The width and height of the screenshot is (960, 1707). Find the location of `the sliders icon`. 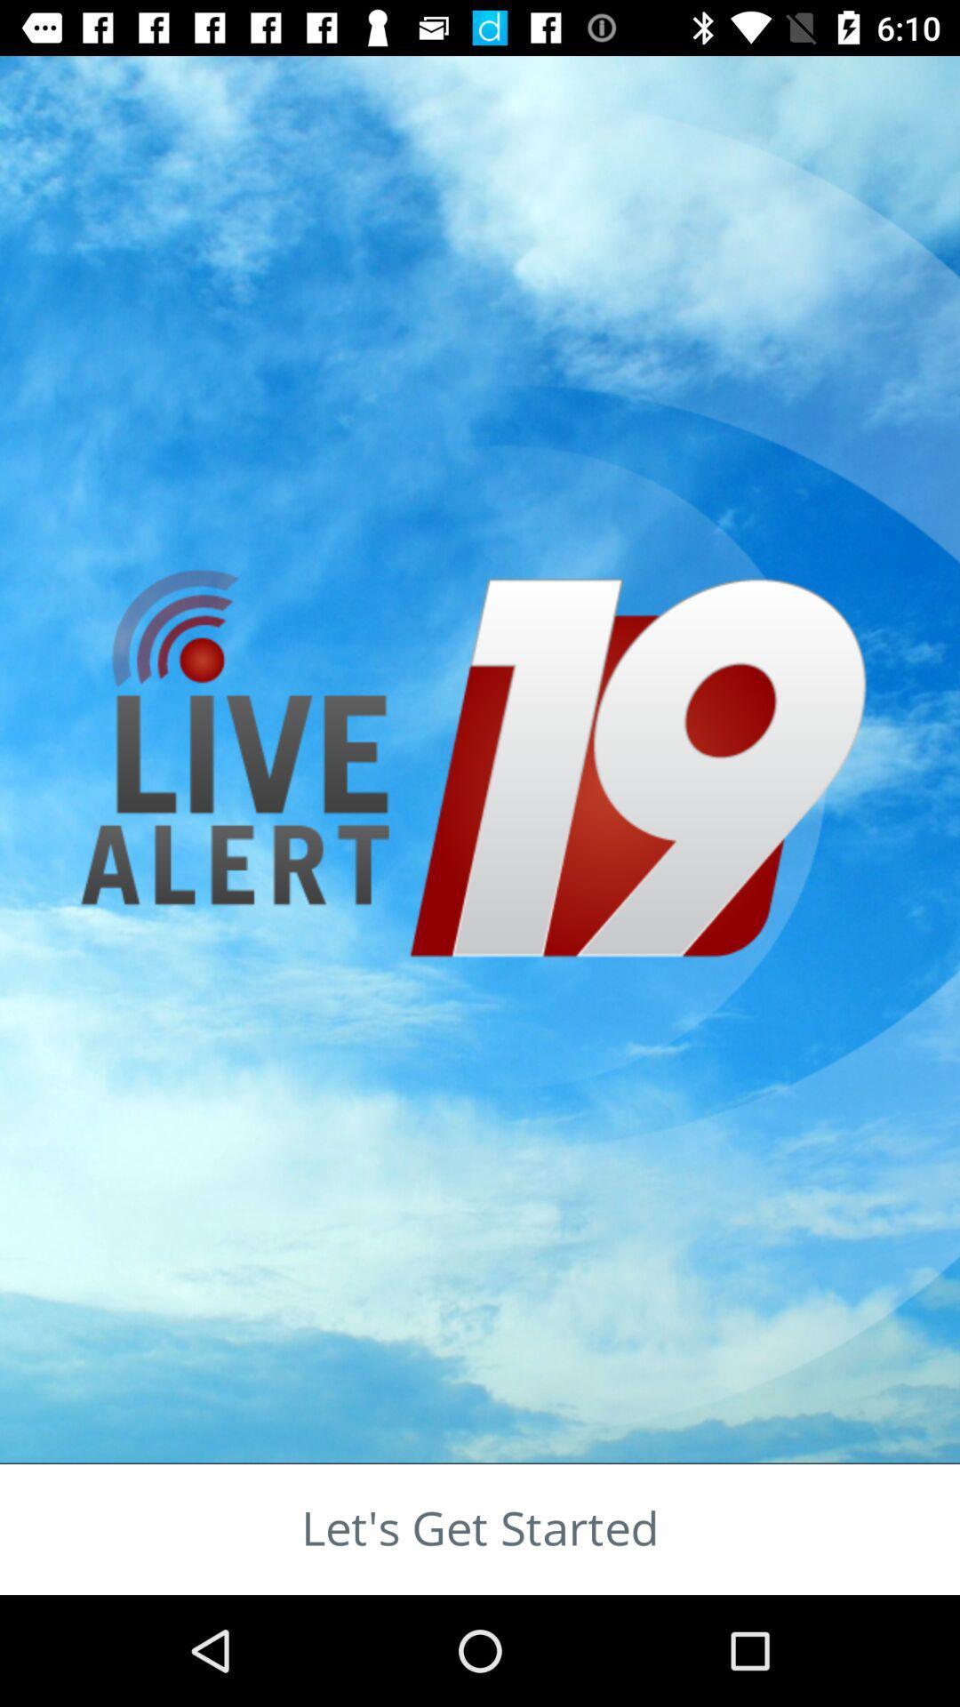

the sliders icon is located at coordinates (116, 213).